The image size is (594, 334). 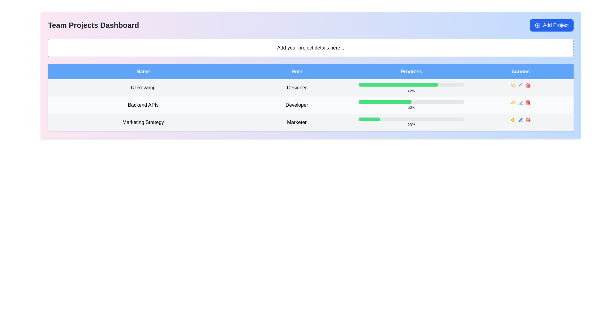 I want to click on the edit icon button located, so click(x=520, y=85).